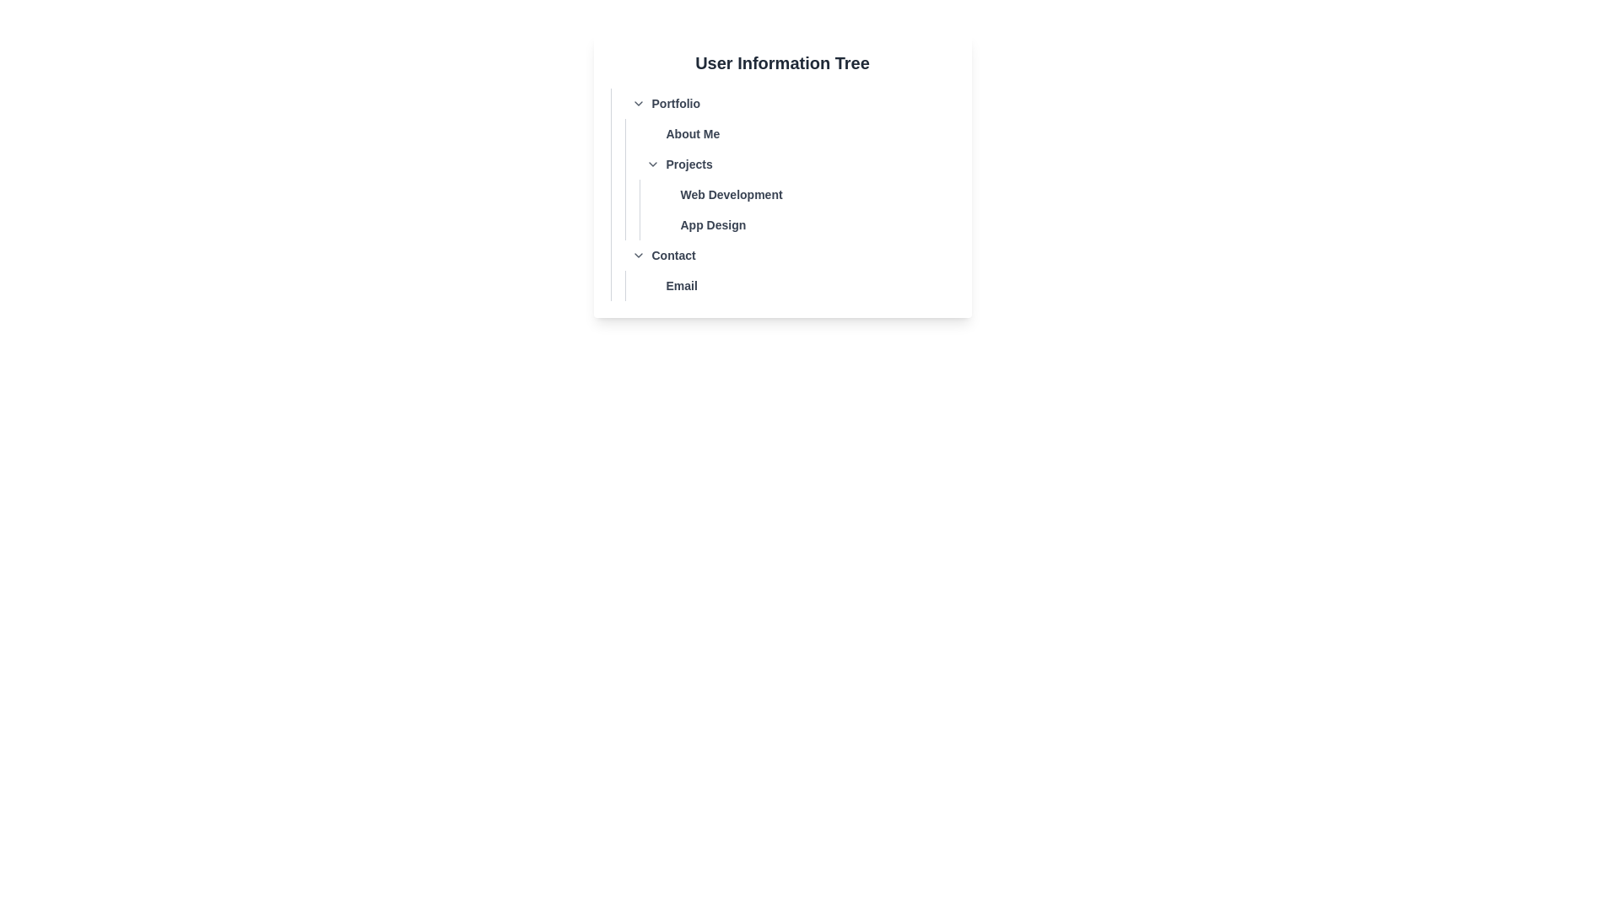  What do you see at coordinates (682, 285) in the screenshot?
I see `label displaying the word 'Email', which is a small, bold, gray-colored text located in the 'Contact' section of the User Information Tree` at bounding box center [682, 285].